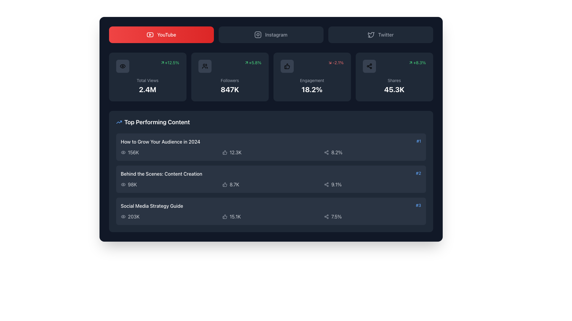 The width and height of the screenshot is (572, 321). Describe the element at coordinates (326, 184) in the screenshot. I see `the 'Share' icon represented by three connected circles, which is located to the left of the text '9.1%' in the row labeled '#2 Behind the Scenes: Content Creation'` at that location.